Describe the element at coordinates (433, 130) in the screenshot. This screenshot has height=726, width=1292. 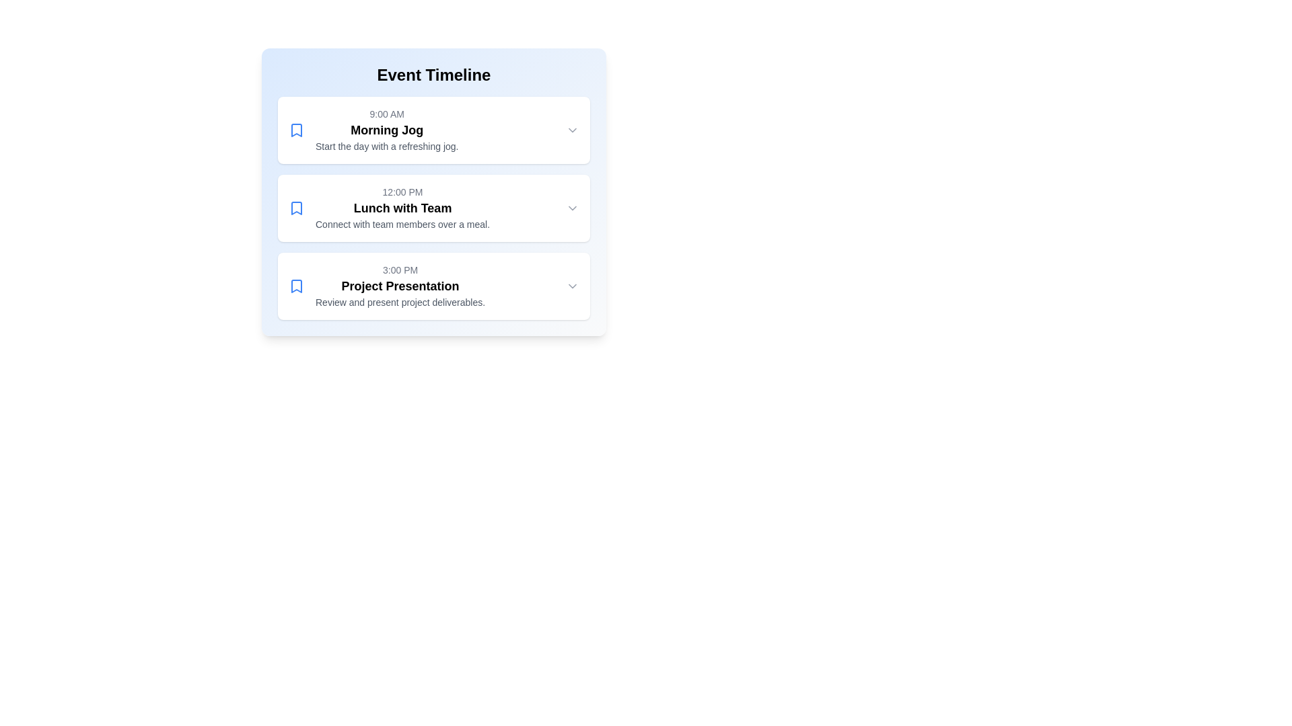
I see `the interactive event card in the 'Event Timeline' section` at that location.